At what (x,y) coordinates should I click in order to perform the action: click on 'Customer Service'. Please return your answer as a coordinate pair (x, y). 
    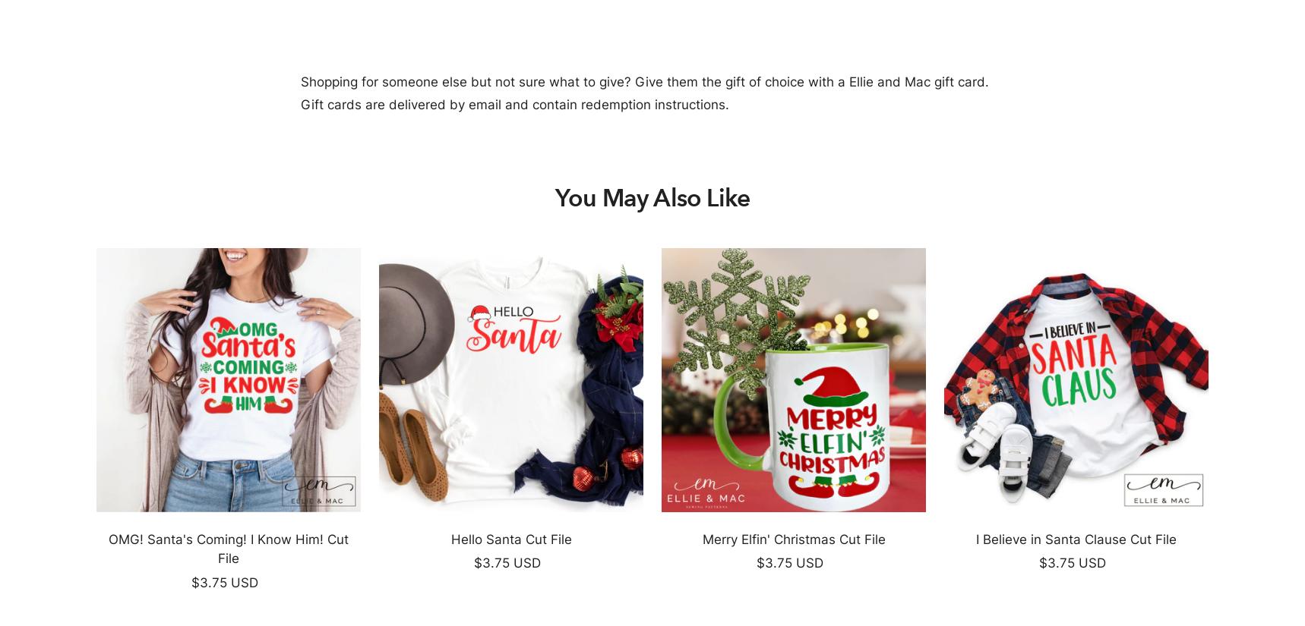
    Looking at the image, I should click on (652, 479).